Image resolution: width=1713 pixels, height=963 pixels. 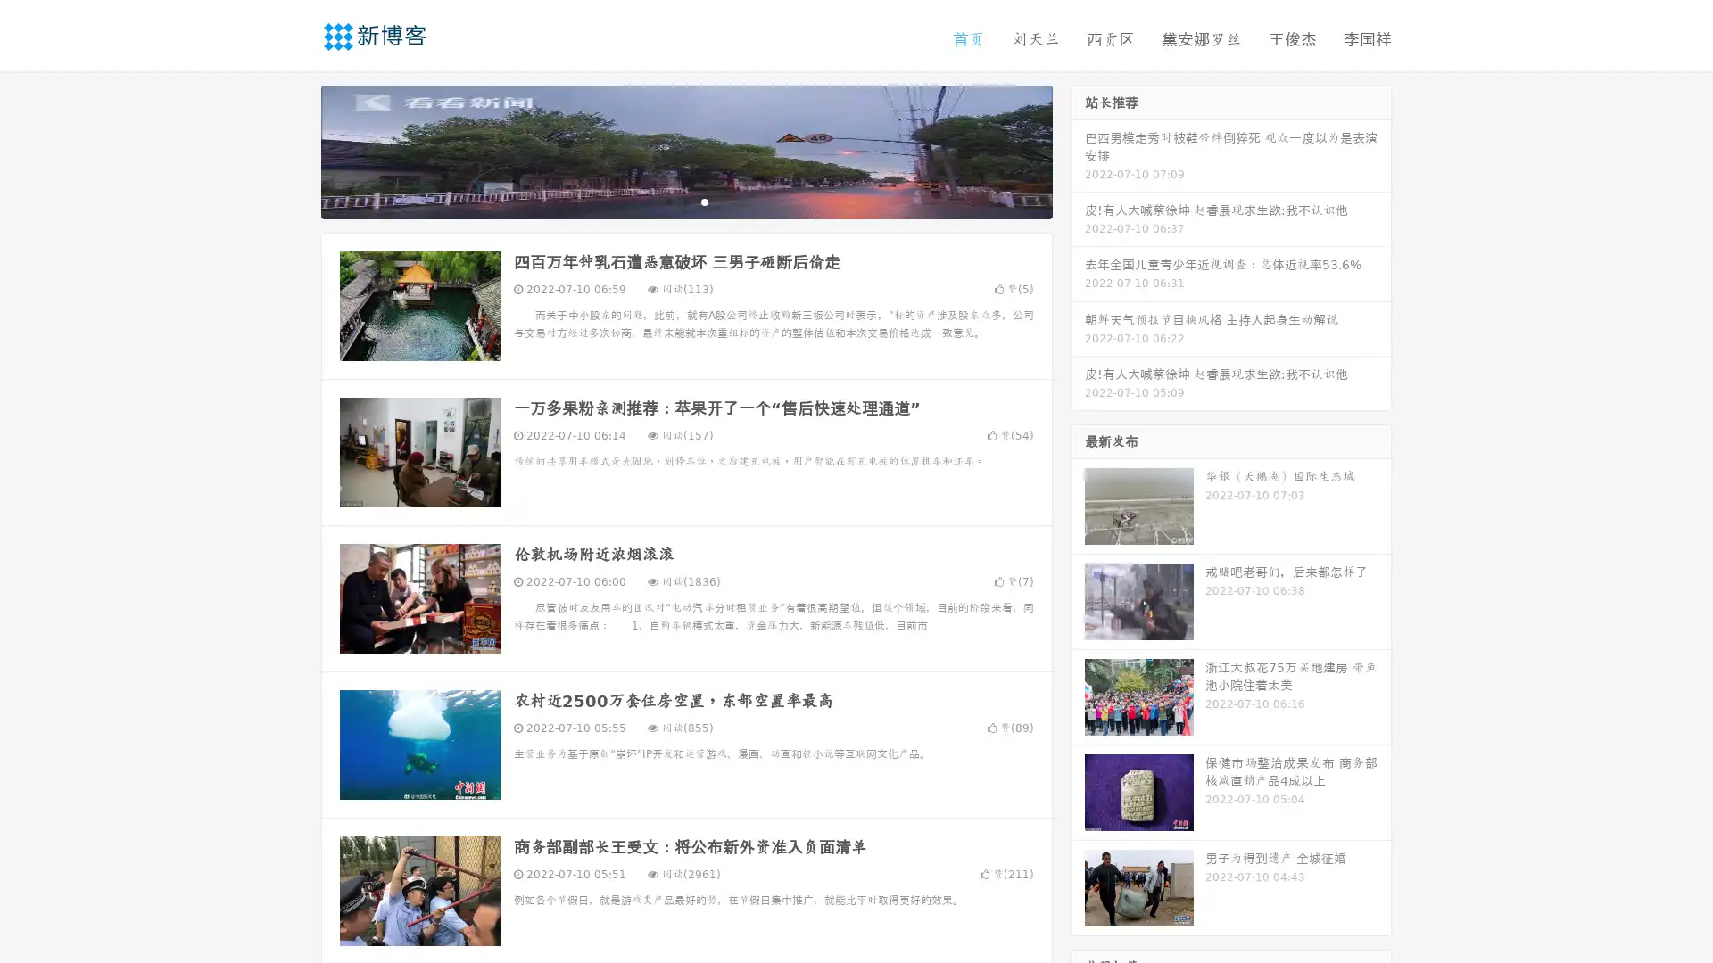 I want to click on Go to slide 3, so click(x=704, y=201).